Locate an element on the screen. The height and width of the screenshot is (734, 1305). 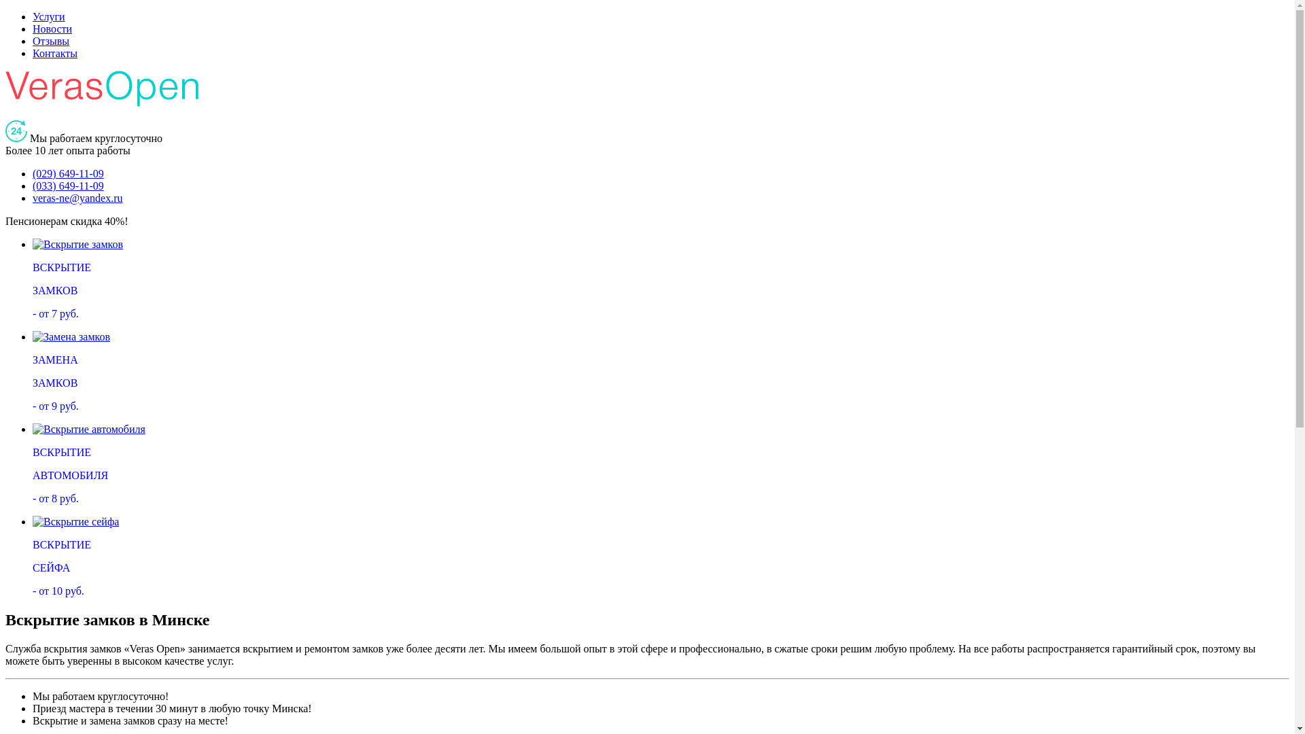
'veras-ne@yandex.ru' is located at coordinates (33, 198).